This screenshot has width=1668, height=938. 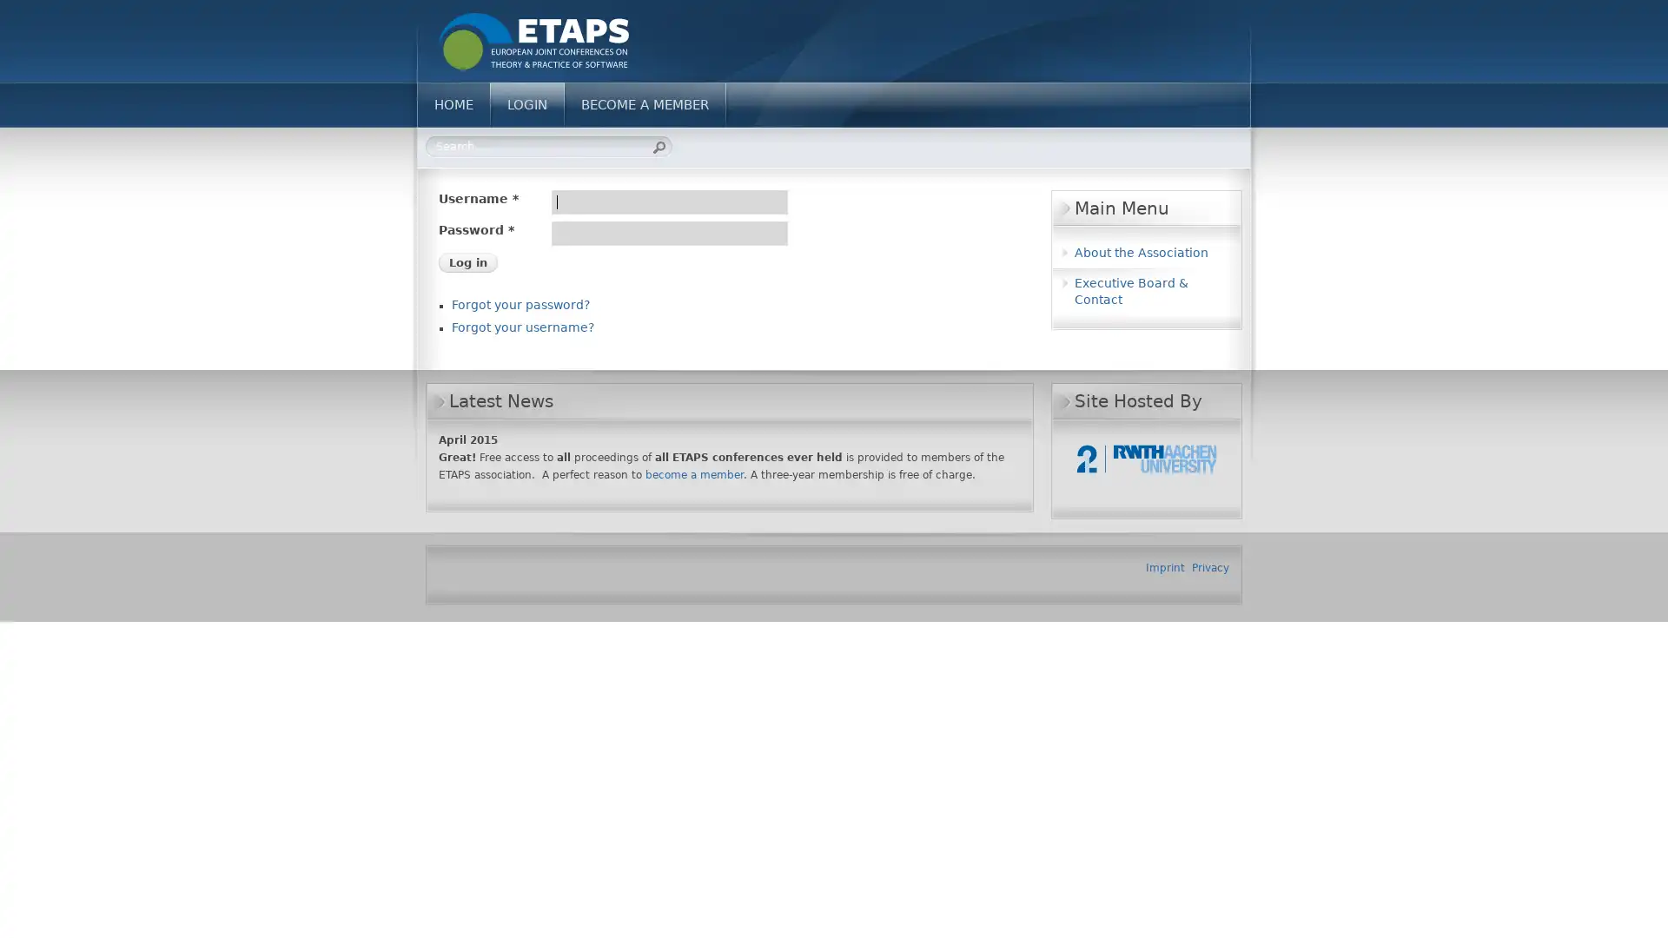 I want to click on Log in, so click(x=467, y=263).